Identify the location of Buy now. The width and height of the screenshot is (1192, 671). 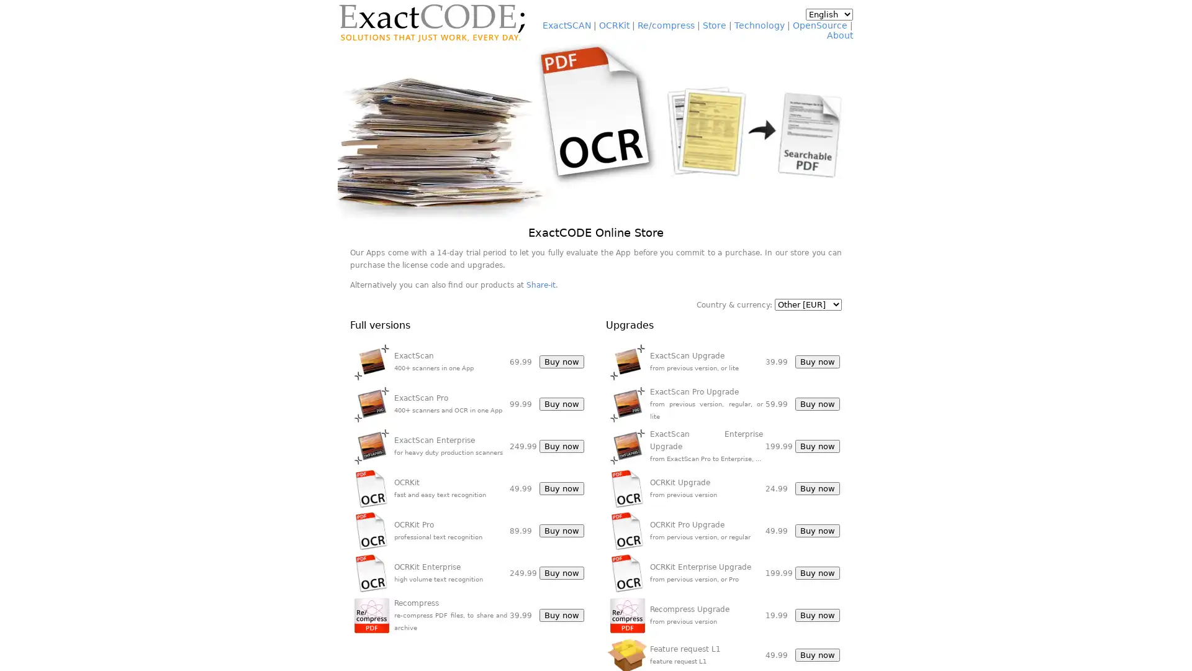
(561, 531).